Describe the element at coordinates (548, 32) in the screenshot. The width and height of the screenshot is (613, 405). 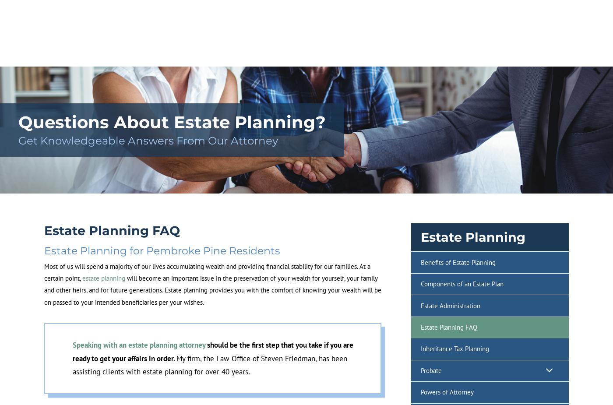
I see `'954.228.6126'` at that location.